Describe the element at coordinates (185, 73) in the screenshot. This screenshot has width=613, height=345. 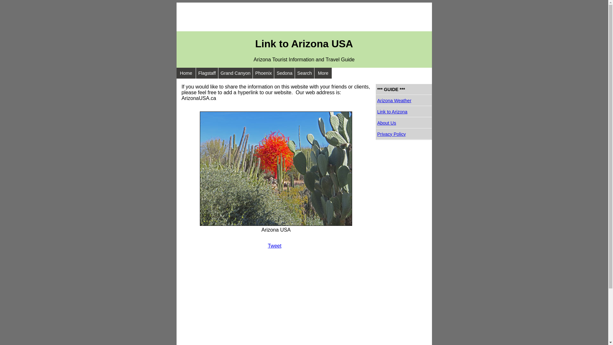
I see `' Home '` at that location.